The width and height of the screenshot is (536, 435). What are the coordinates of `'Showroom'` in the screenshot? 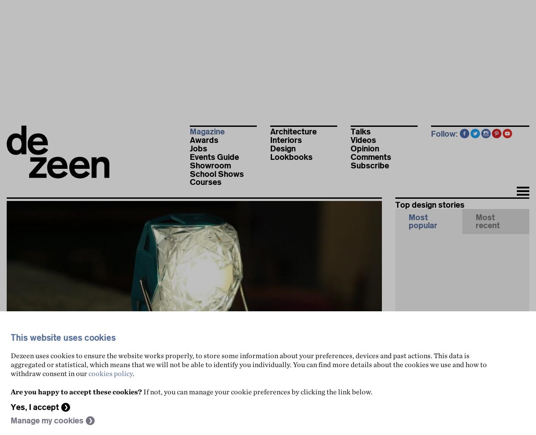 It's located at (210, 165).